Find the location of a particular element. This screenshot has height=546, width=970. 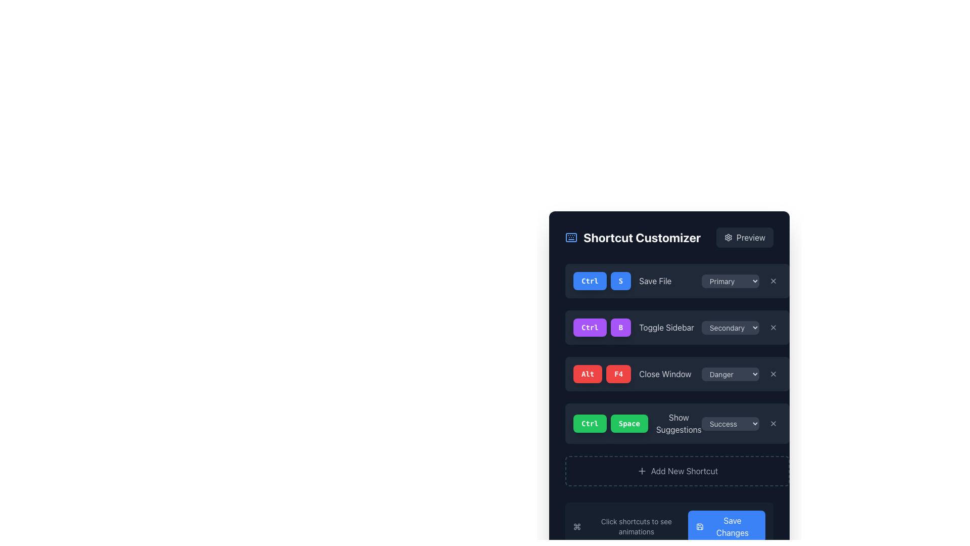

the red button labeled 'Alt' with rounded corners, which is the first button in the 'Close Window' section is located at coordinates (588, 374).